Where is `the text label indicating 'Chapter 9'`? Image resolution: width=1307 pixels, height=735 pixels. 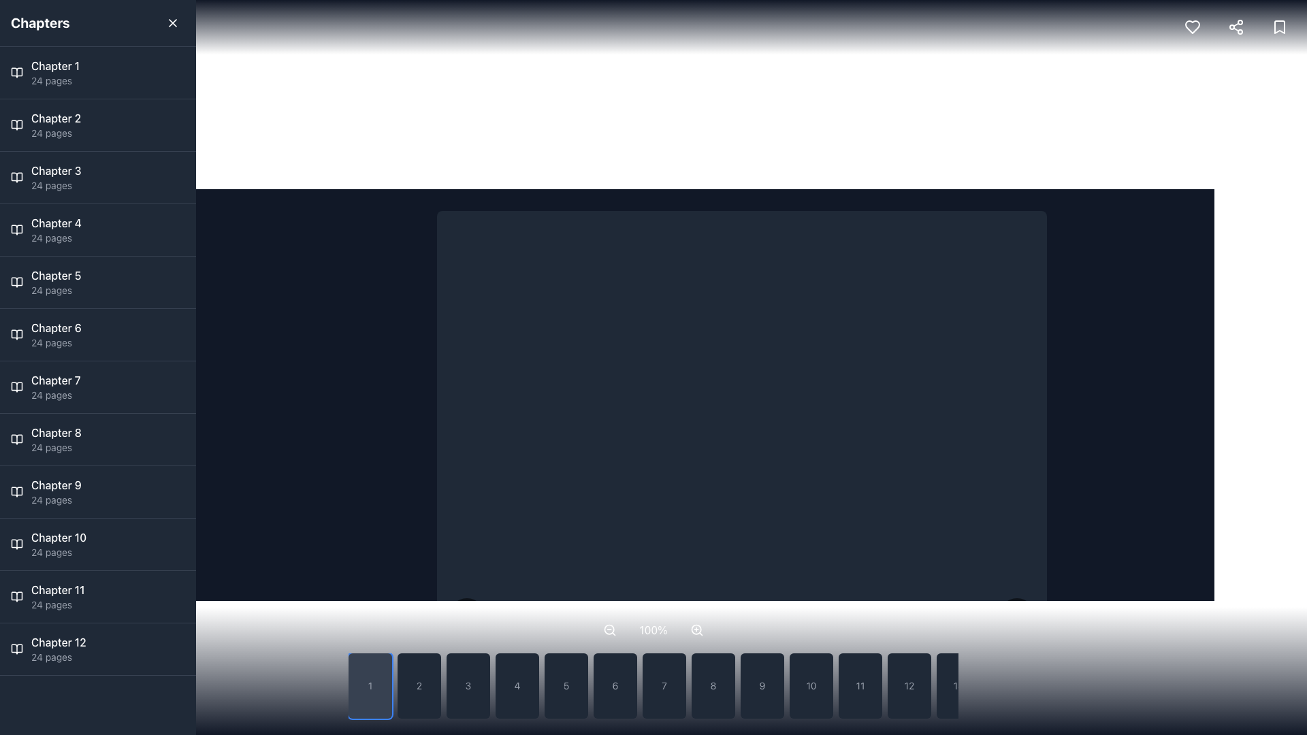
the text label indicating 'Chapter 9' is located at coordinates (55, 485).